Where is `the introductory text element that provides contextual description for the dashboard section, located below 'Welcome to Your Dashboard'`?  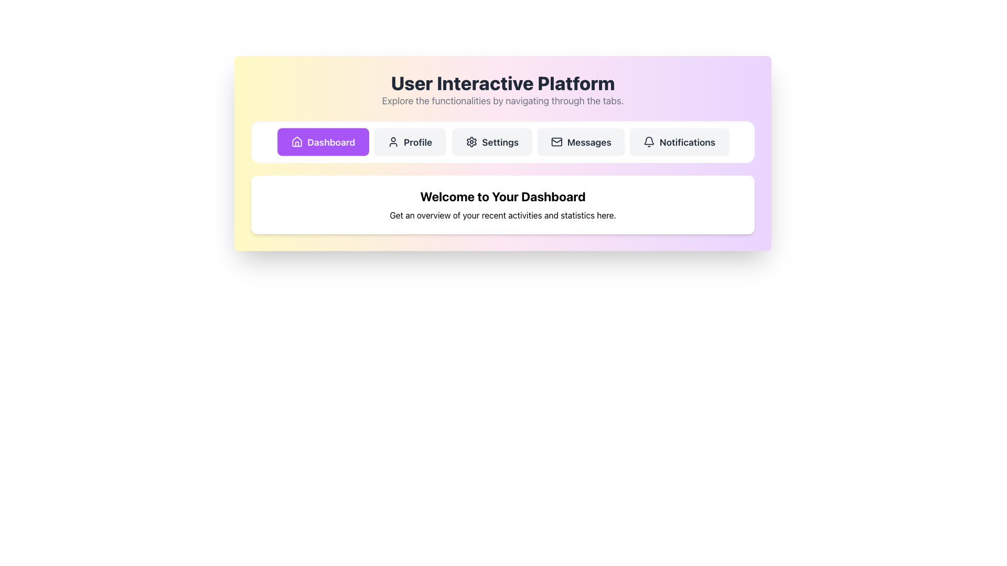 the introductory text element that provides contextual description for the dashboard section, located below 'Welcome to Your Dashboard' is located at coordinates (502, 215).